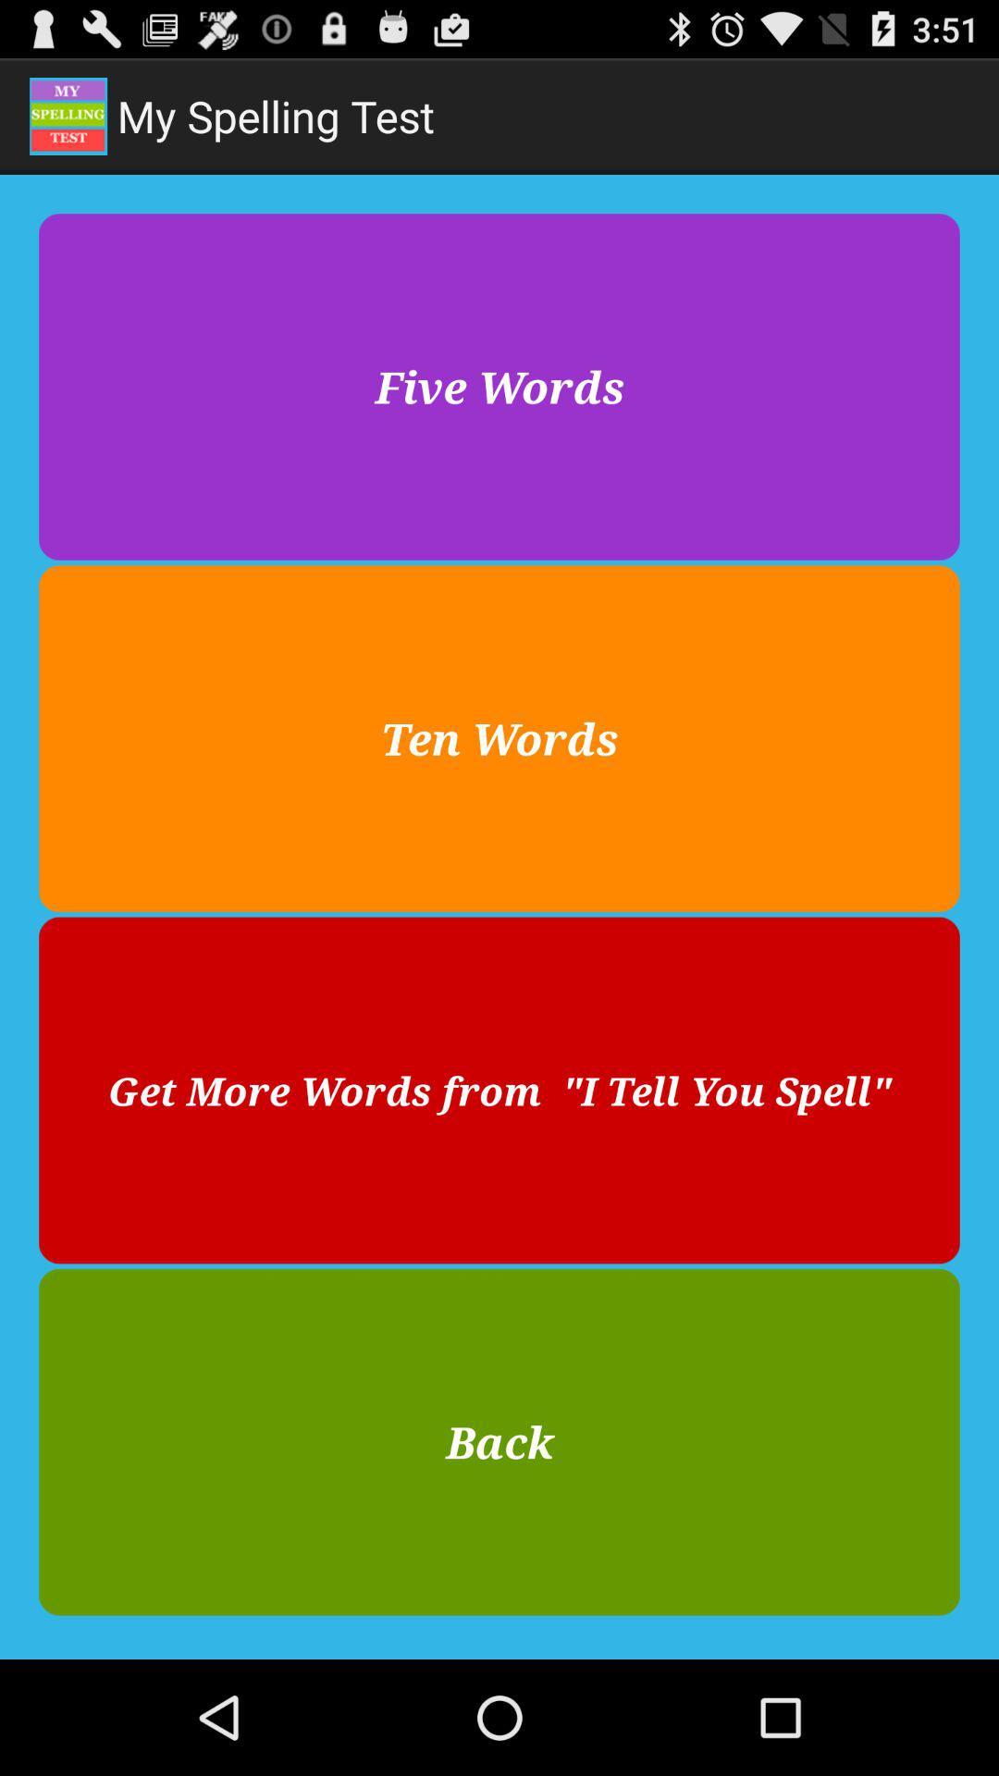 This screenshot has height=1776, width=999. What do you see at coordinates (499, 1091) in the screenshot?
I see `the get more words button` at bounding box center [499, 1091].